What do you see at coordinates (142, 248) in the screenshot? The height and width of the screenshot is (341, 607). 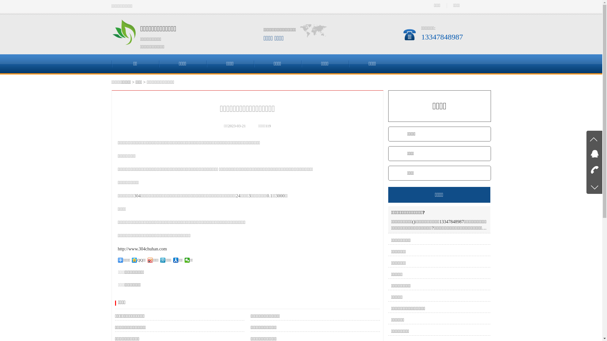 I see `'http://www.304chuhan.com'` at bounding box center [142, 248].